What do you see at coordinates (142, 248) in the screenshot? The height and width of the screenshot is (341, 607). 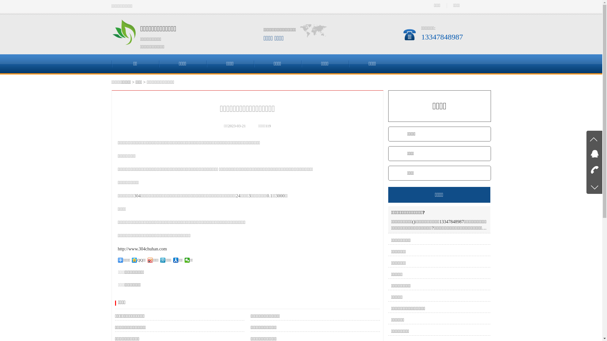 I see `'http://www.304chuhan.com'` at bounding box center [142, 248].